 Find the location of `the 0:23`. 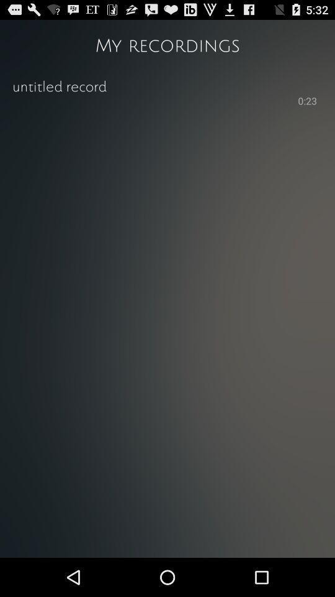

the 0:23 is located at coordinates (306, 101).